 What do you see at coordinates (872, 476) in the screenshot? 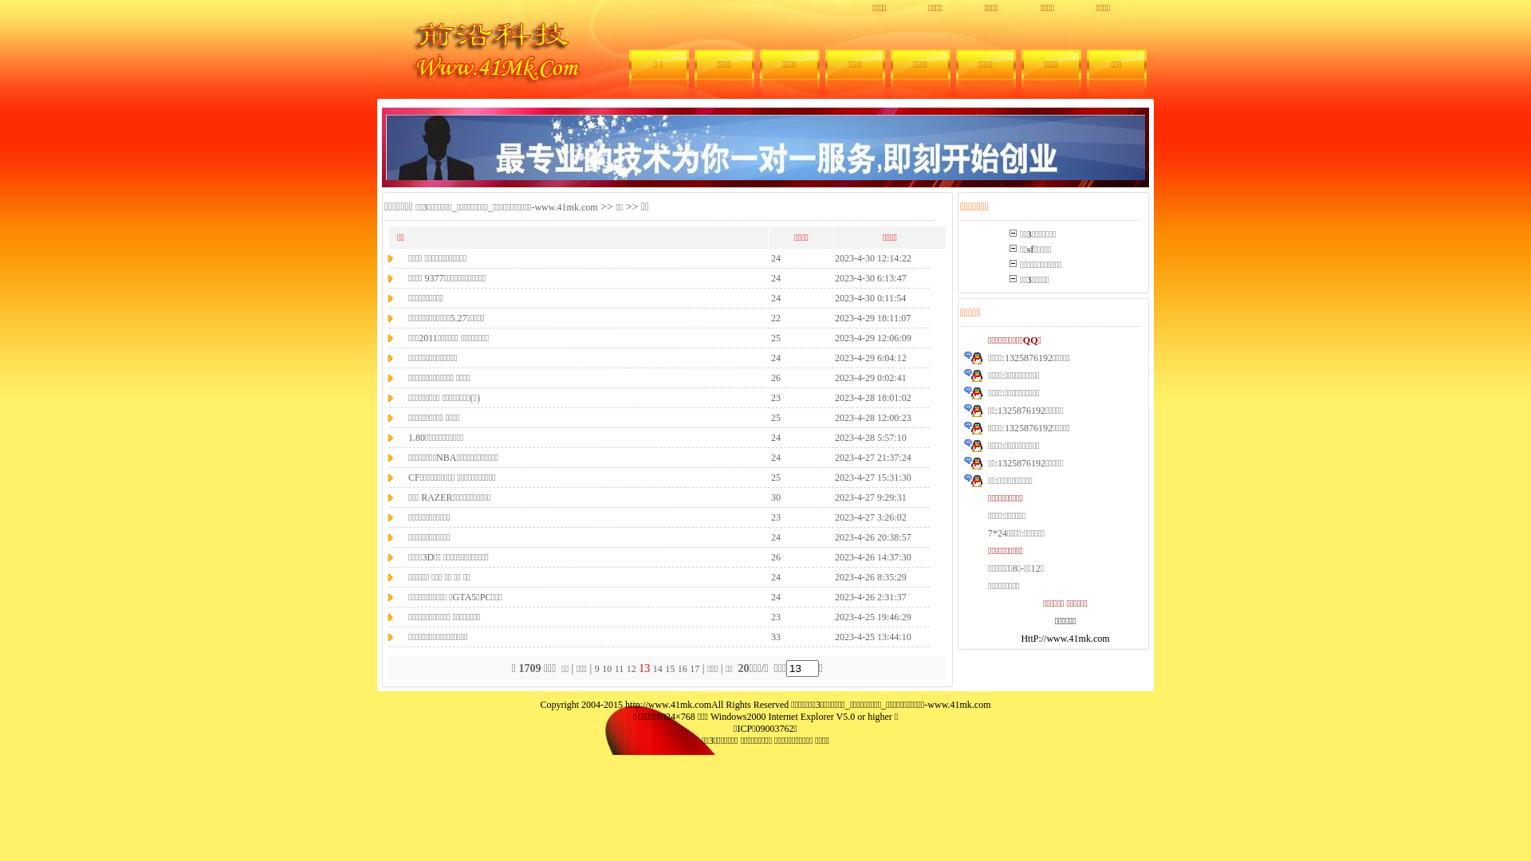
I see `'2023-4-27 15:31:30'` at bounding box center [872, 476].